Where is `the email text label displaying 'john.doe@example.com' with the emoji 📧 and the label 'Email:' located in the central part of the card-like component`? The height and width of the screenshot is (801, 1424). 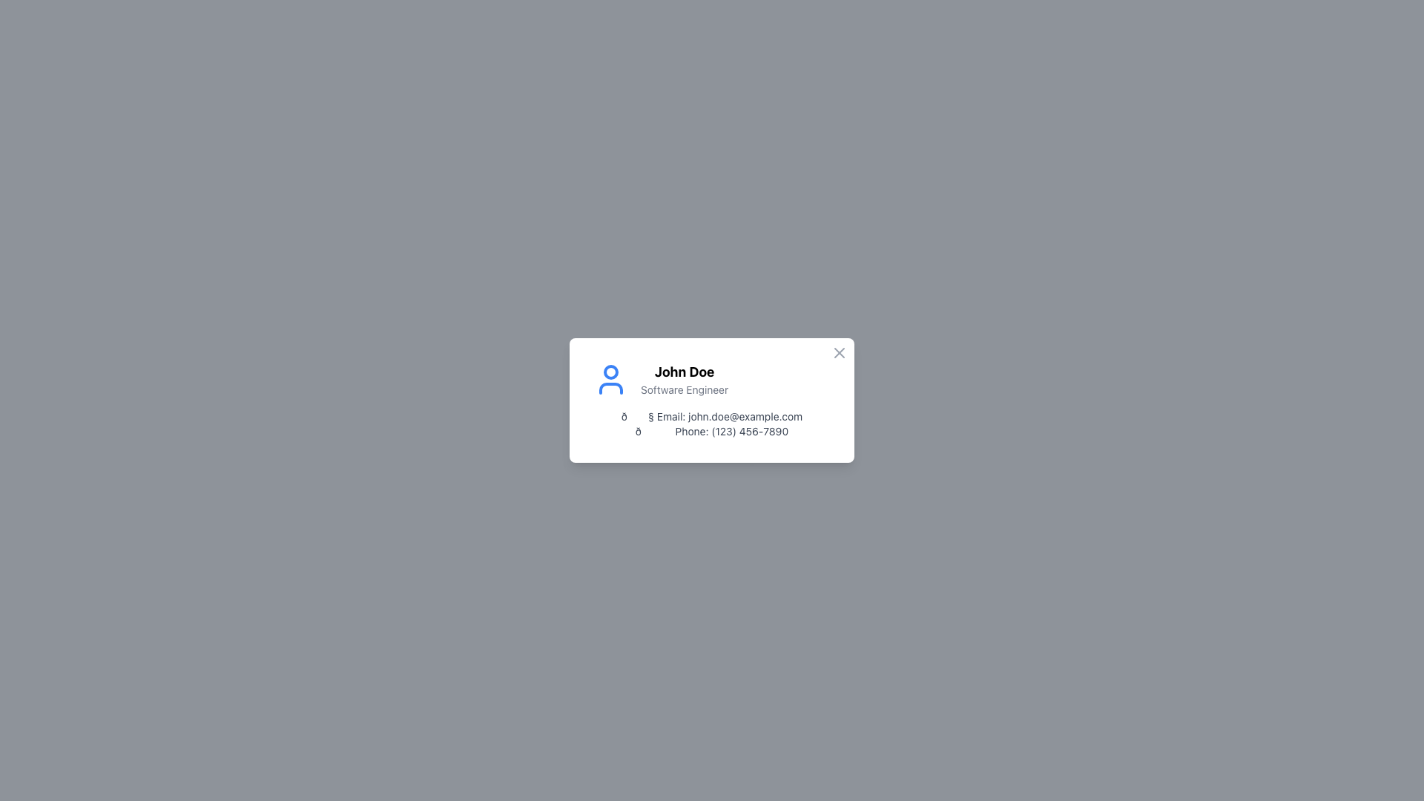
the email text label displaying 'john.doe@example.com' with the emoji 📧 and the label 'Email:' located in the central part of the card-like component is located at coordinates (712, 417).